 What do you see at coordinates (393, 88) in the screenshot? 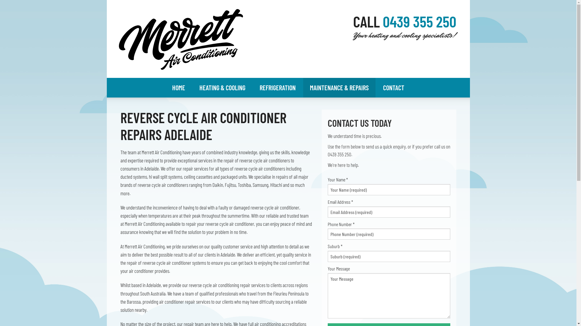
I see `'CONTACT'` at bounding box center [393, 88].